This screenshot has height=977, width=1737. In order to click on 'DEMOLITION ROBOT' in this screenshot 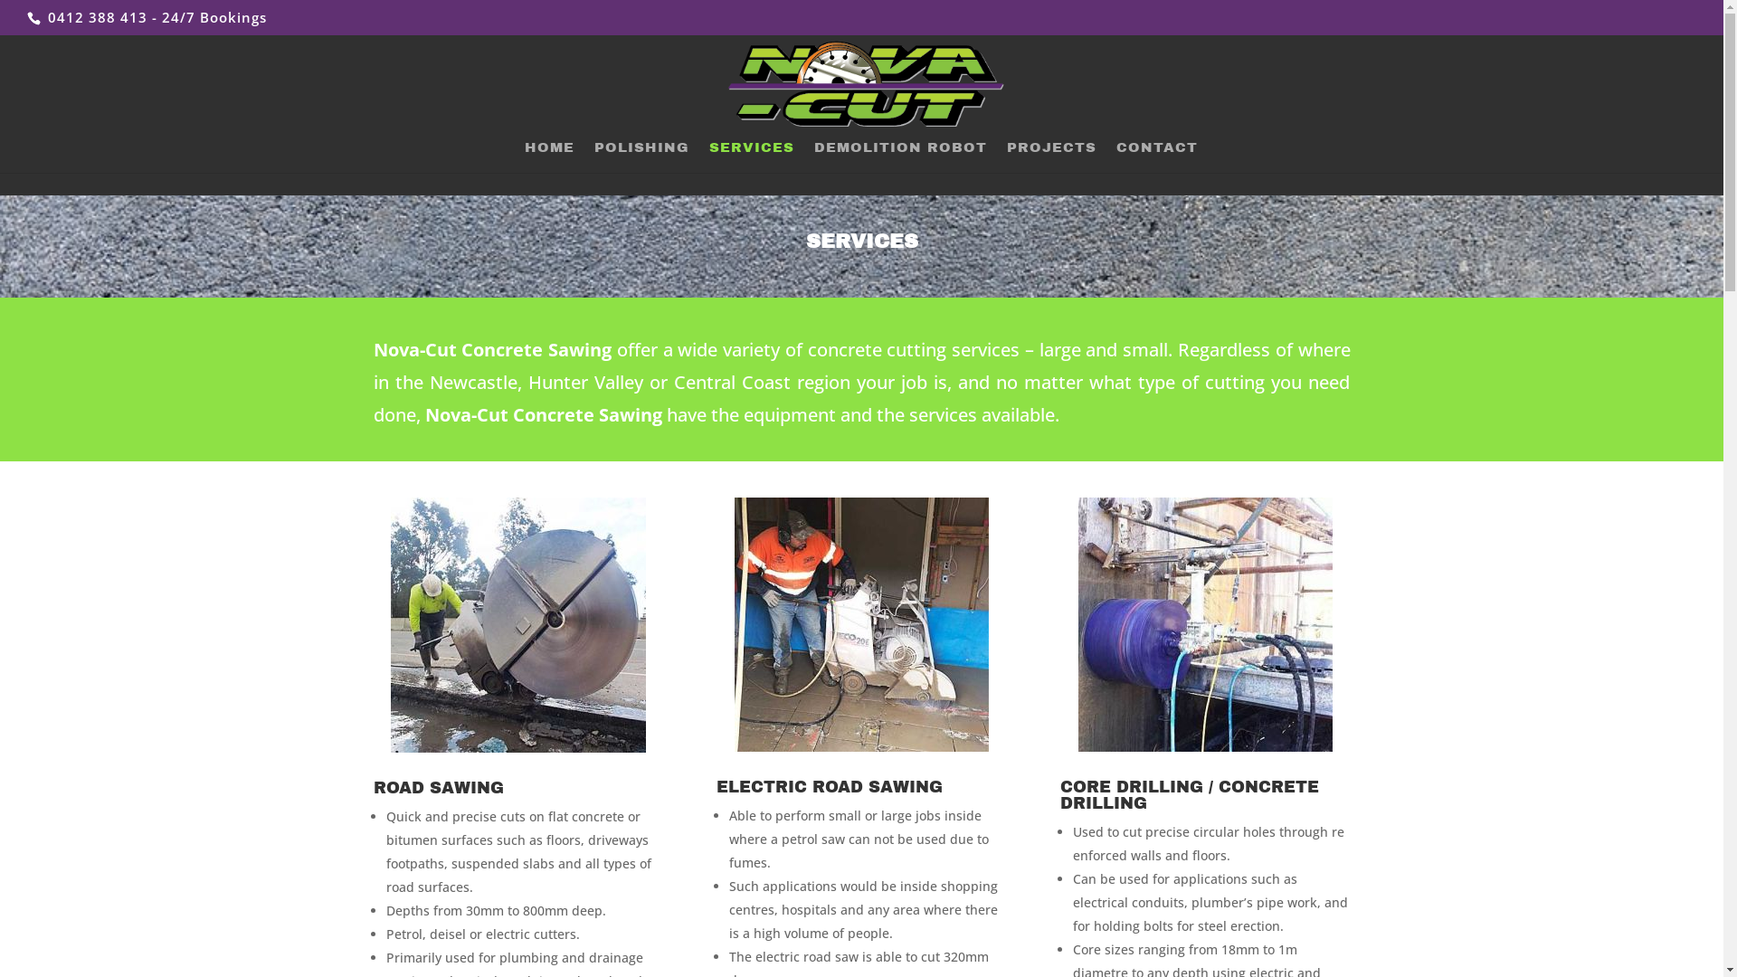, I will do `click(900, 156)`.